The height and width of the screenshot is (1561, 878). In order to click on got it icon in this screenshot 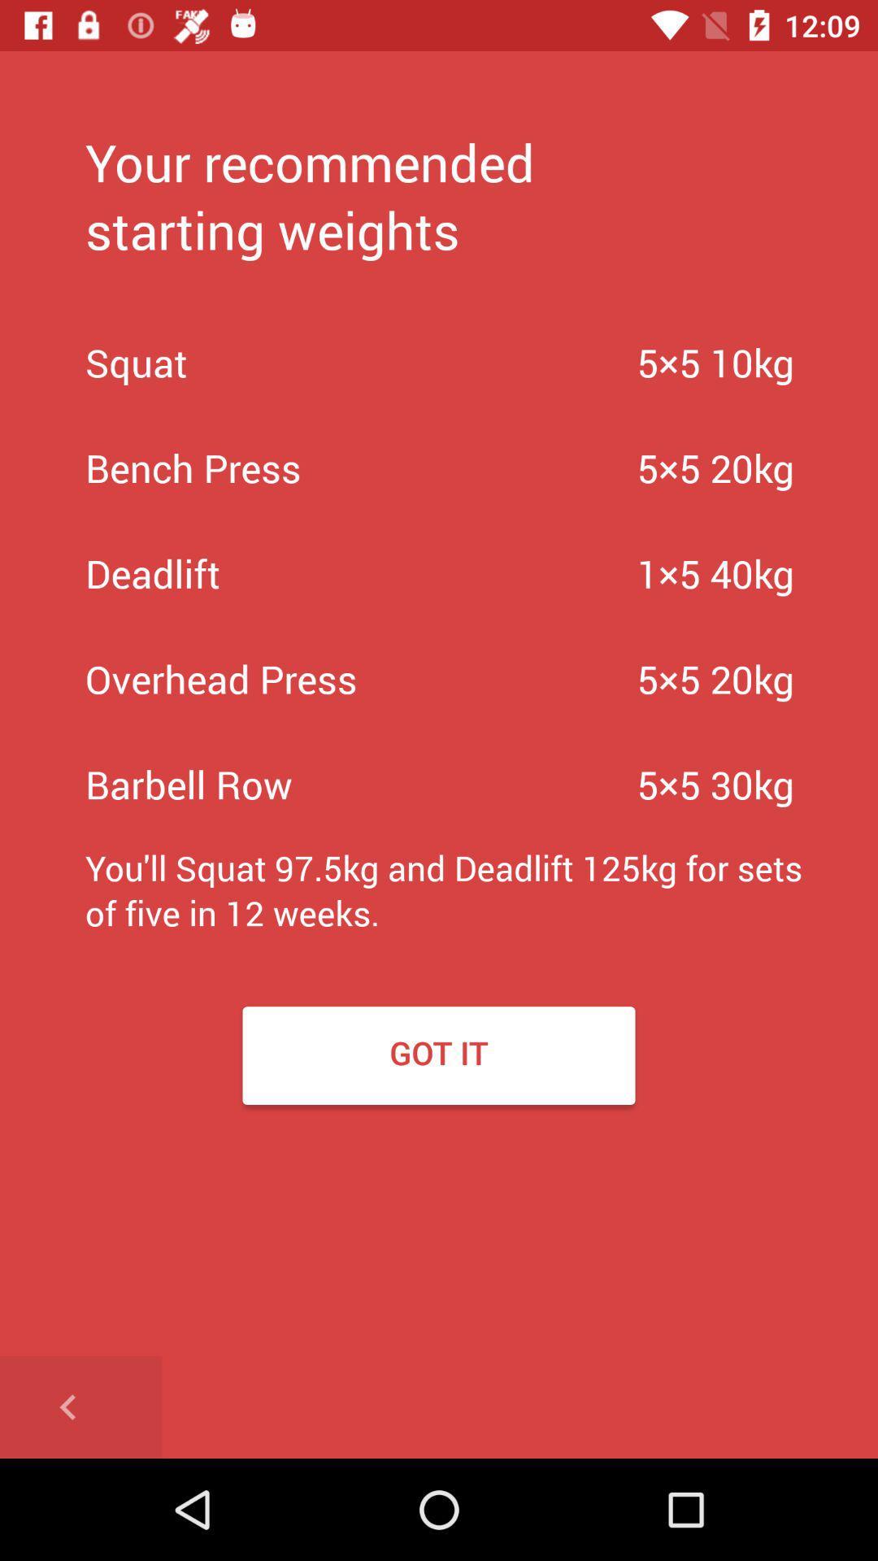, I will do `click(439, 1055)`.